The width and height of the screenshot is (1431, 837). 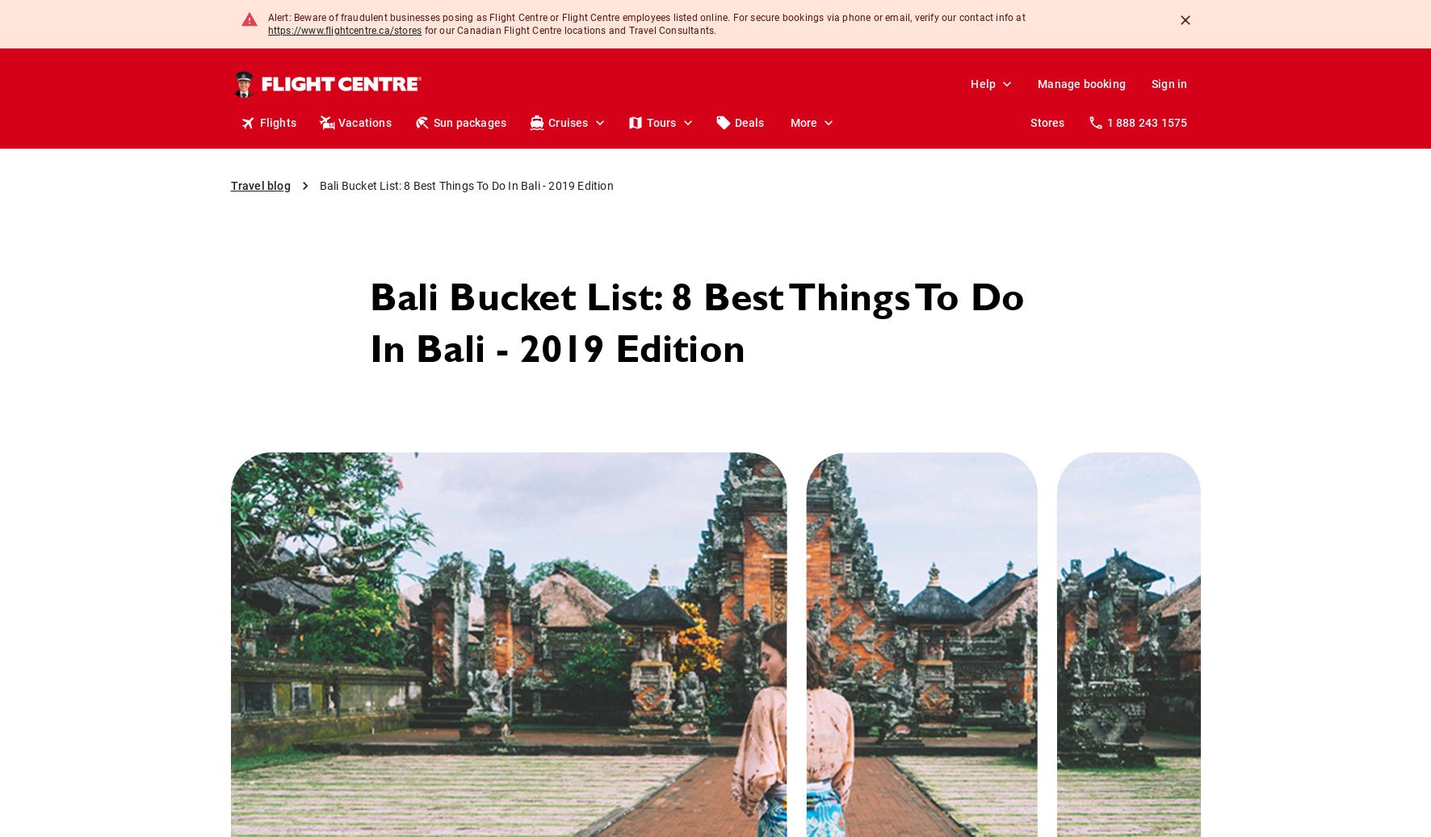 What do you see at coordinates (277, 122) in the screenshot?
I see `'Flights'` at bounding box center [277, 122].